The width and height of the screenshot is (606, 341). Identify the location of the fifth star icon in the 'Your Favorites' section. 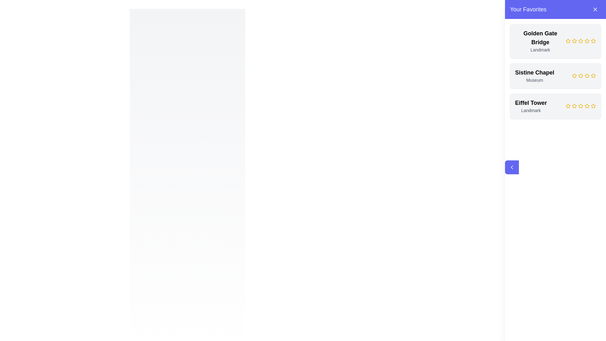
(587, 105).